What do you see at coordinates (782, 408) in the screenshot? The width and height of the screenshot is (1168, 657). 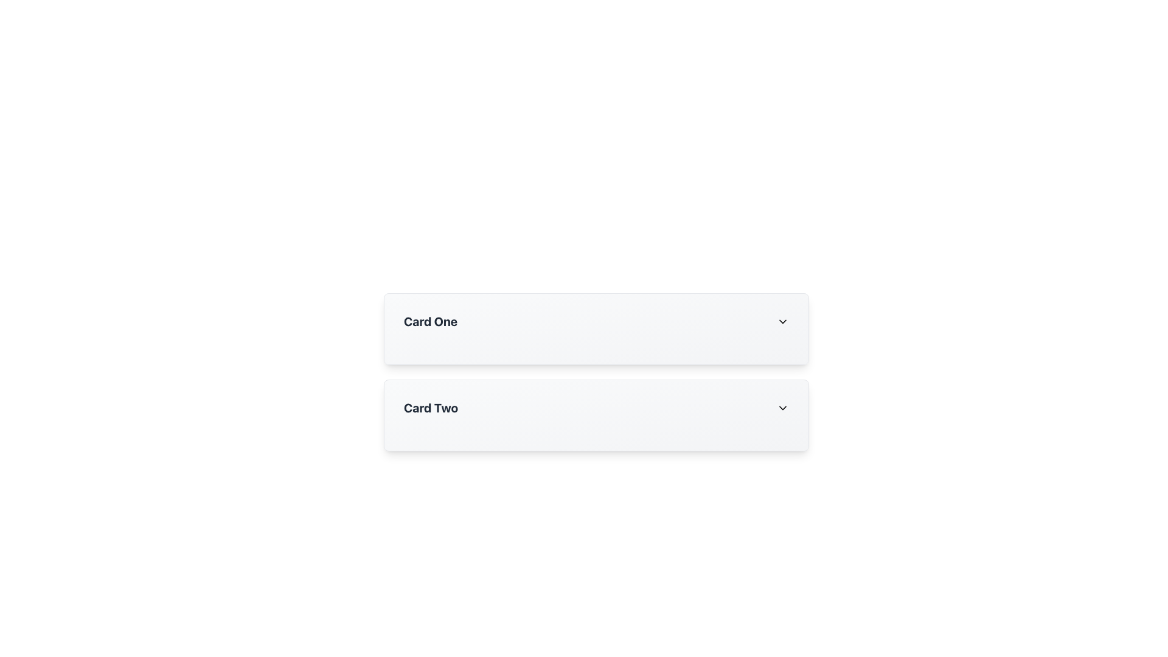 I see `the Dropdown indicator icon, which is an SVG chevron pointing downwards located at the far right of the 'Card Two' heading area` at bounding box center [782, 408].